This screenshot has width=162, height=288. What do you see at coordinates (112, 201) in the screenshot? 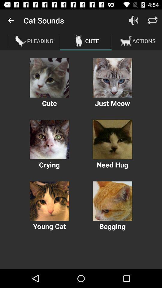
I see `option` at bounding box center [112, 201].